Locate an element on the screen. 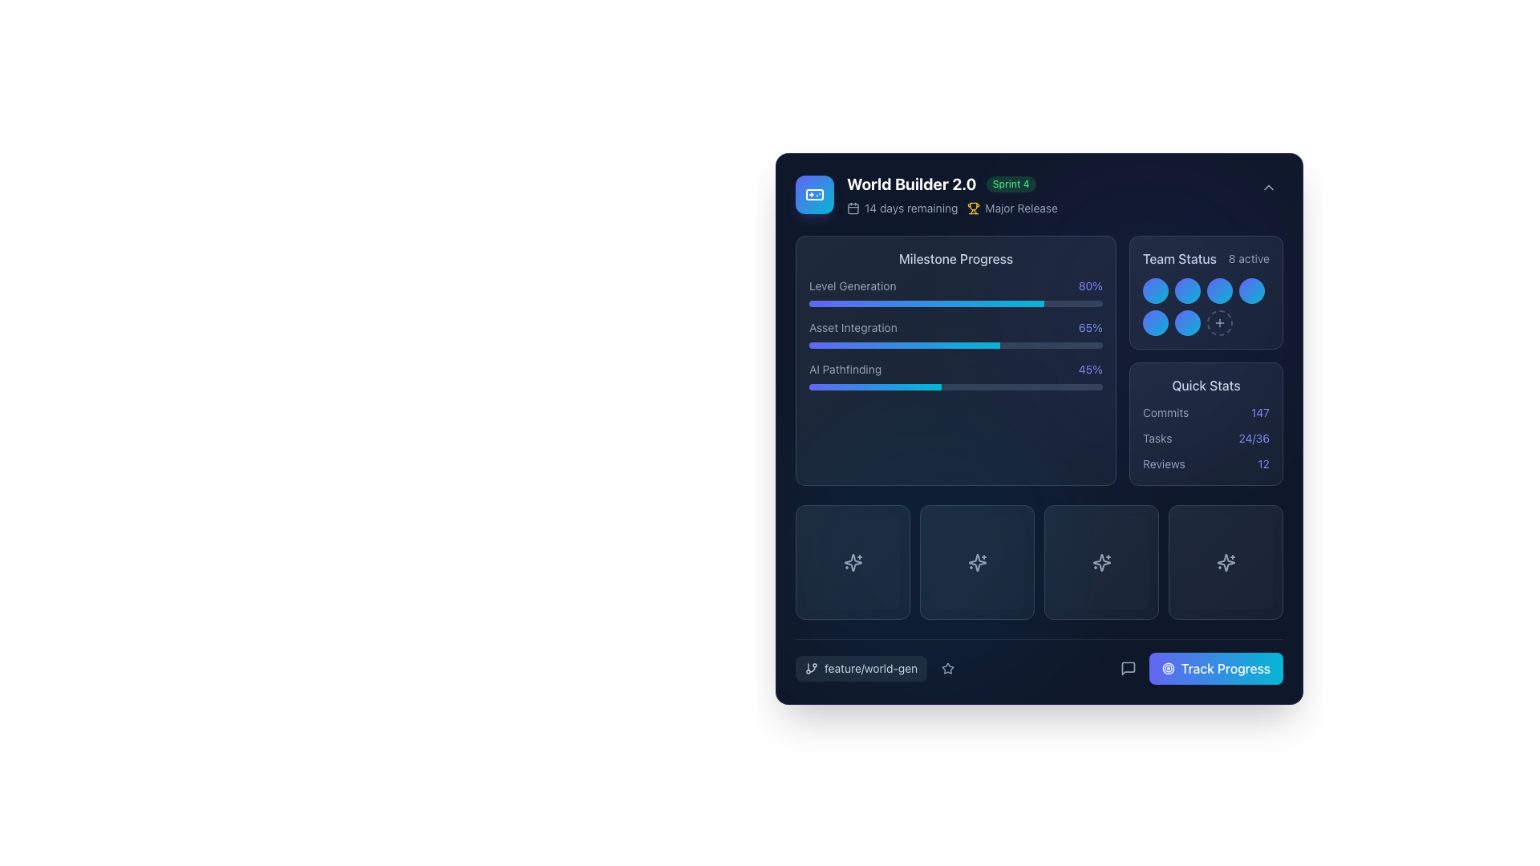  the progress indicator labeled 'AI Pathfinding' showing '45%' completion, located in the 'Milestone Progress' section is located at coordinates (955, 376).